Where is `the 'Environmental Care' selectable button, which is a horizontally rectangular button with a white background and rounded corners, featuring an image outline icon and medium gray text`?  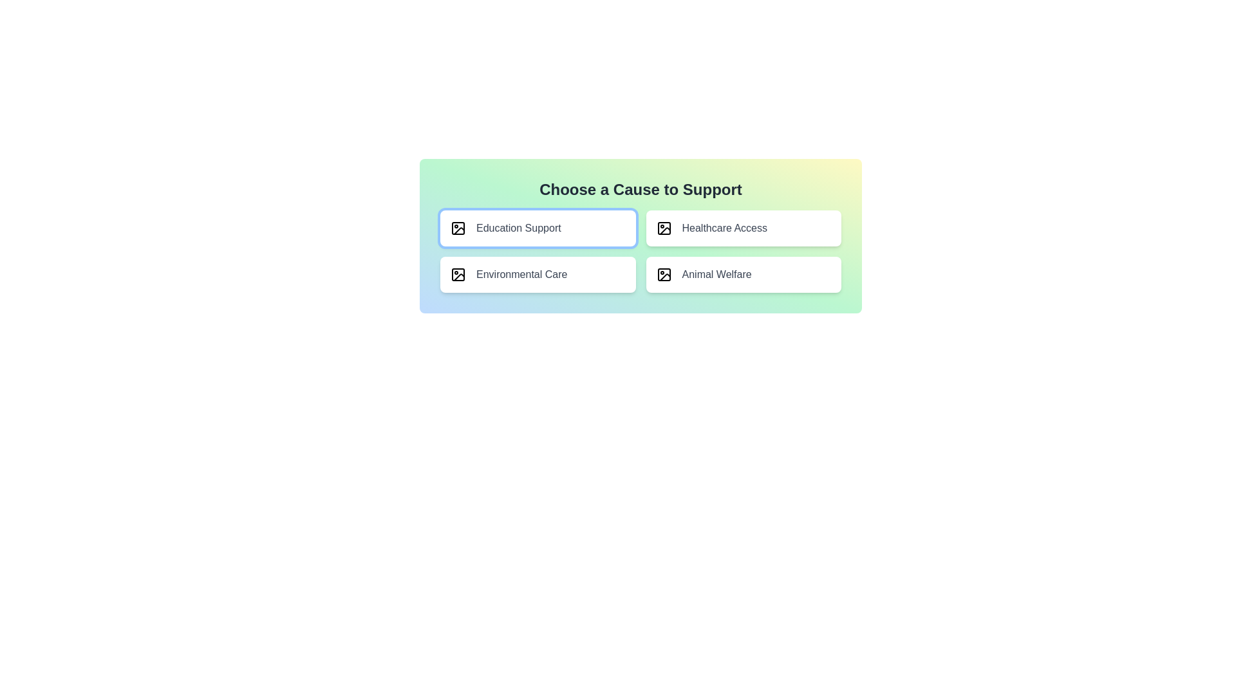 the 'Environmental Care' selectable button, which is a horizontally rectangular button with a white background and rounded corners, featuring an image outline icon and medium gray text is located at coordinates (538, 274).